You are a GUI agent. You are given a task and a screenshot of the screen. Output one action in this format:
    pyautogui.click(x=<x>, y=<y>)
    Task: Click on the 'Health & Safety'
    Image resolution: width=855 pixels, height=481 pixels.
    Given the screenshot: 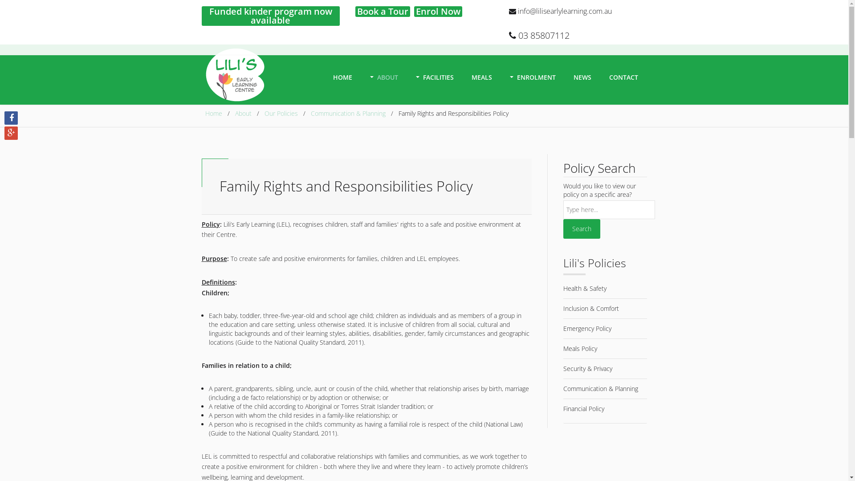 What is the action you would take?
    pyautogui.click(x=585, y=288)
    